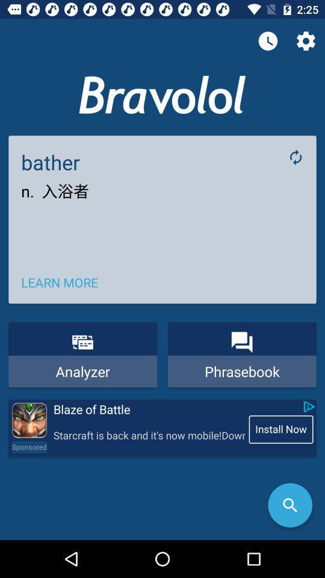  What do you see at coordinates (29, 446) in the screenshot?
I see `the icon to the left of the starcraft is back` at bounding box center [29, 446].